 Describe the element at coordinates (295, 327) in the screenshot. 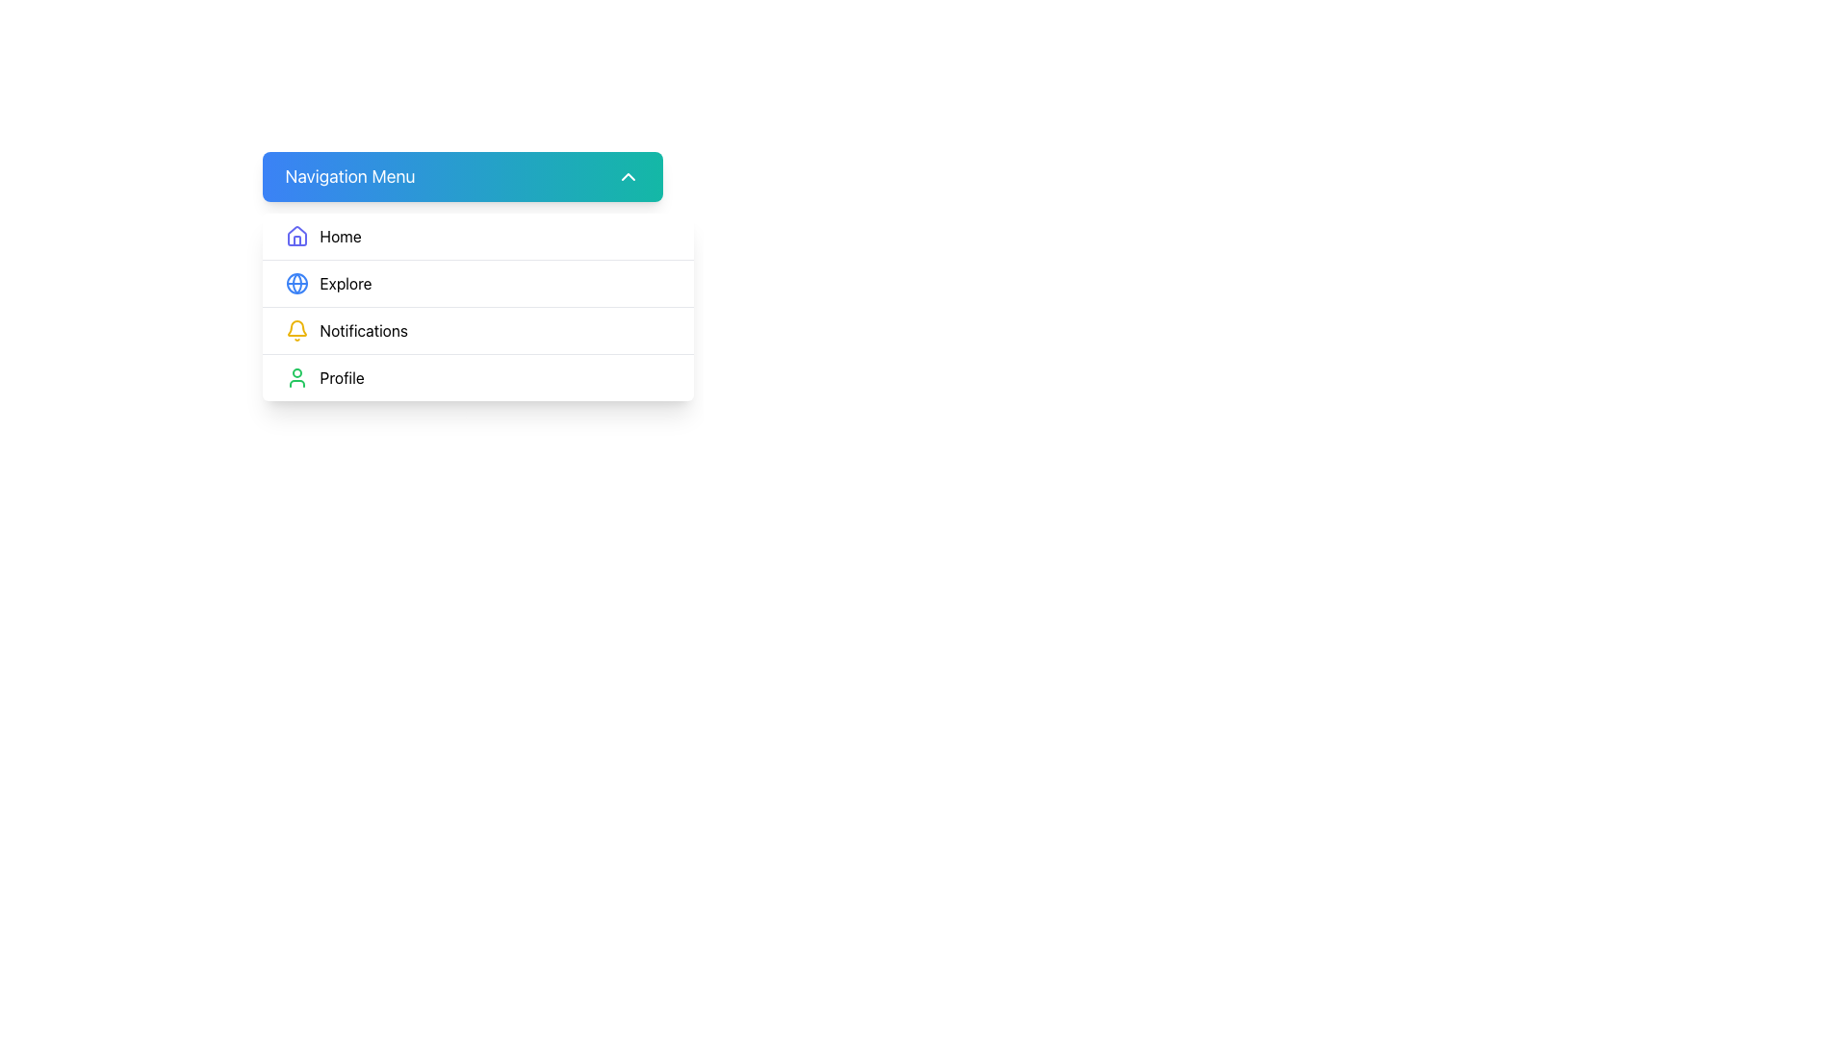

I see `the decorative vector graphic shape that visually represents the top section of the notification bell, located under the 'Notifications' label in the vertical navigation menu` at that location.